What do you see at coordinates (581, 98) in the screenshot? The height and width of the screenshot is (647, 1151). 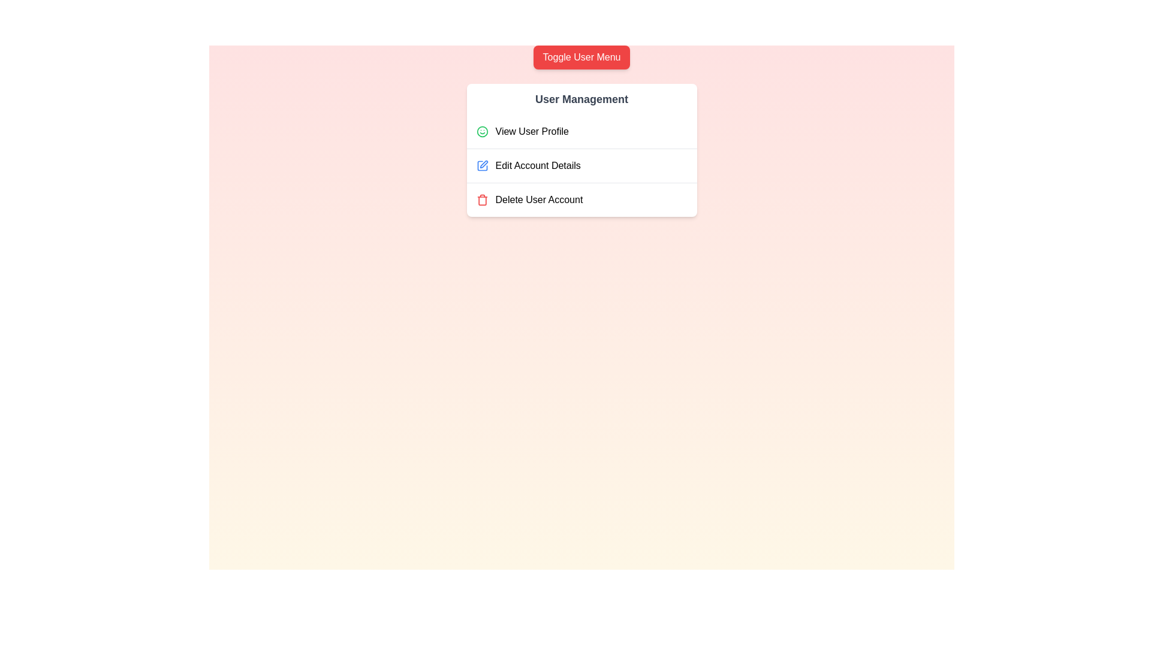 I see `the menu header to interact with it` at bounding box center [581, 98].